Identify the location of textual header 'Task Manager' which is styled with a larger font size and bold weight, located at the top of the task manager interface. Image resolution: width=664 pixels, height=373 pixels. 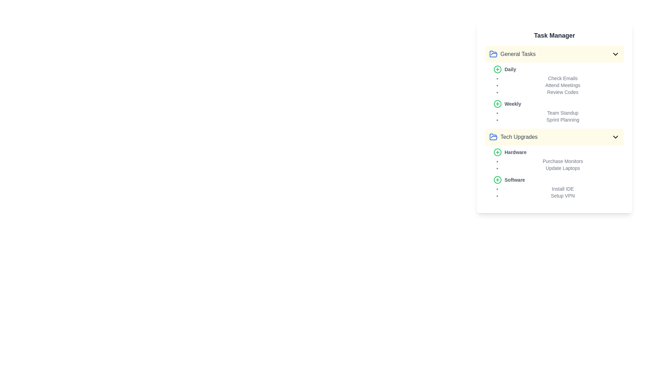
(554, 36).